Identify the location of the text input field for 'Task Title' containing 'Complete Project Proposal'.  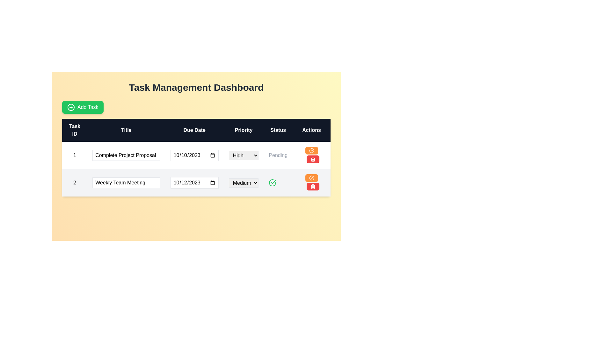
(126, 155).